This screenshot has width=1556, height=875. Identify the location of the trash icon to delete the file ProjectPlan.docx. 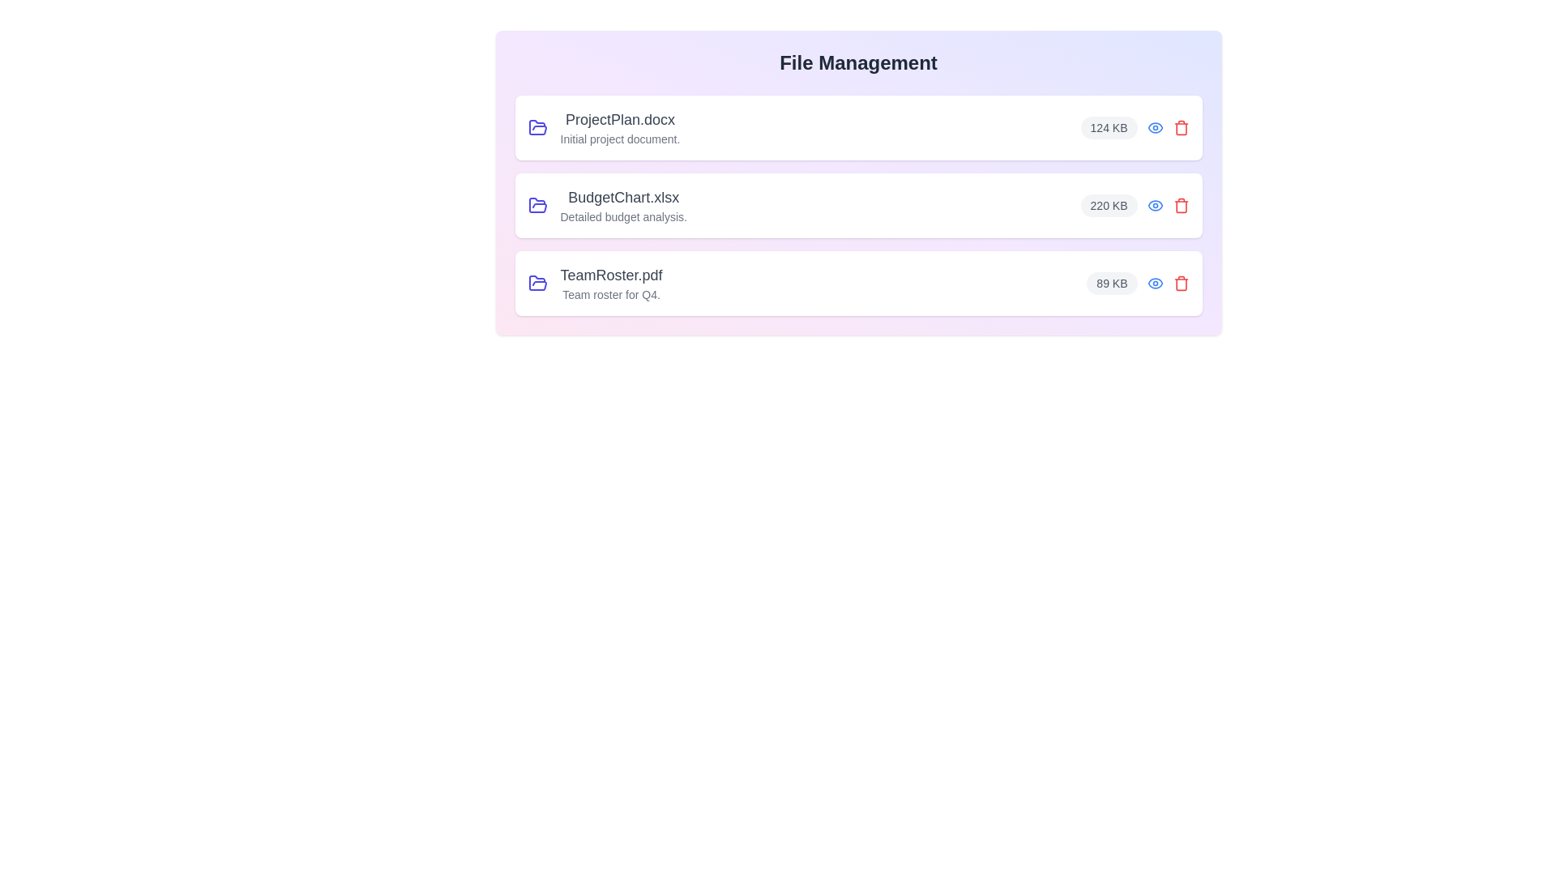
(1181, 127).